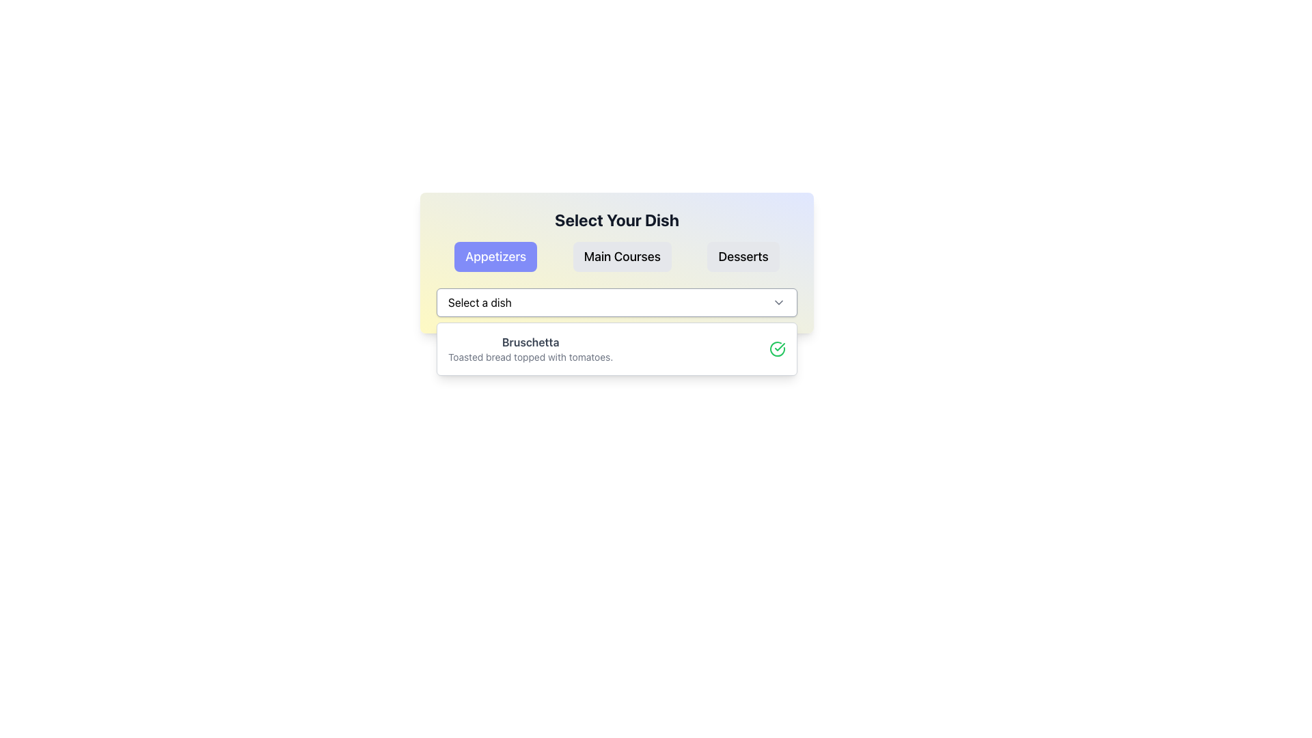  I want to click on the 'Bruschetta' dropdown menu option to make it the active selection, so click(616, 348).